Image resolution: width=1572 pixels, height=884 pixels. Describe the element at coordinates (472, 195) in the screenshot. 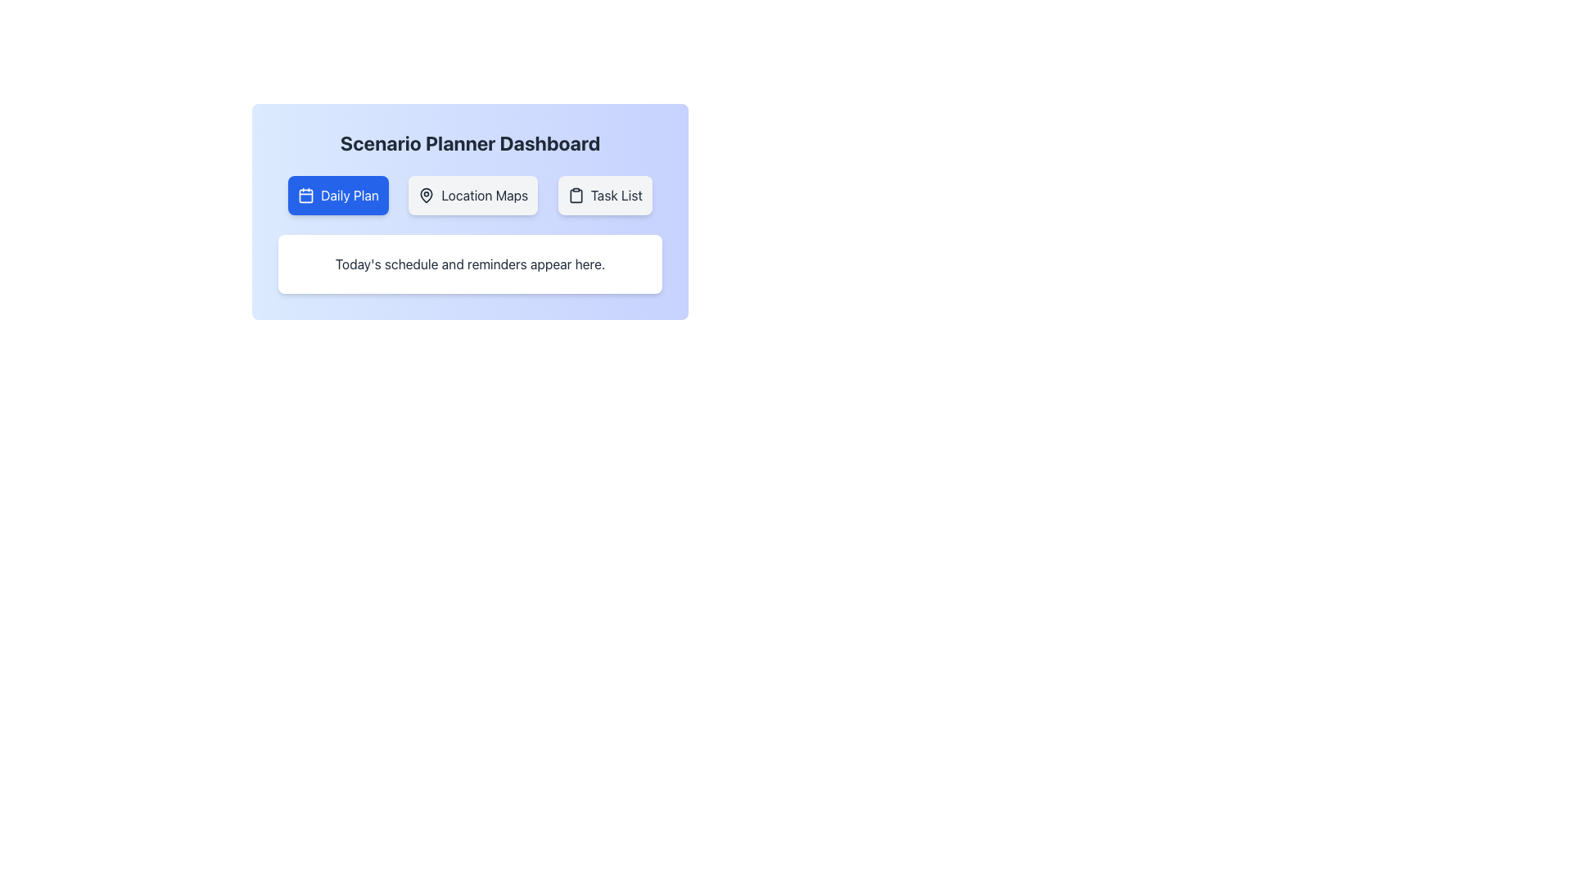

I see `the 'Location Maps' button, which is the second button from the left, styled with a light gray background and black text` at that location.